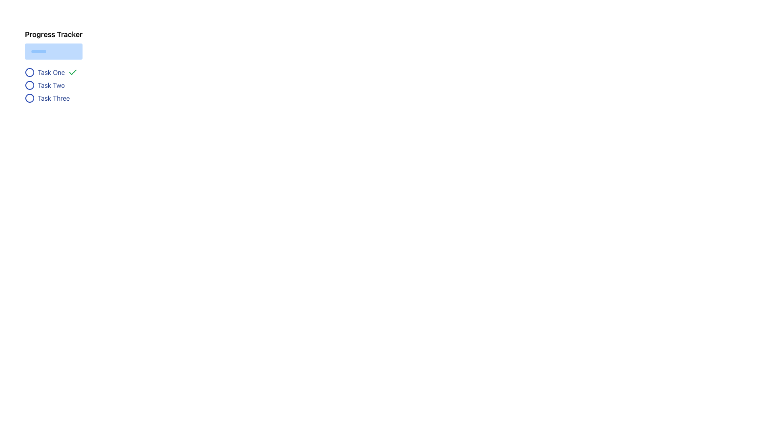 The height and width of the screenshot is (435, 773). I want to click on the blue circular icon with a 2px border that is positioned to the left of the text 'Task Three' within the progress tracker interface, so click(29, 97).